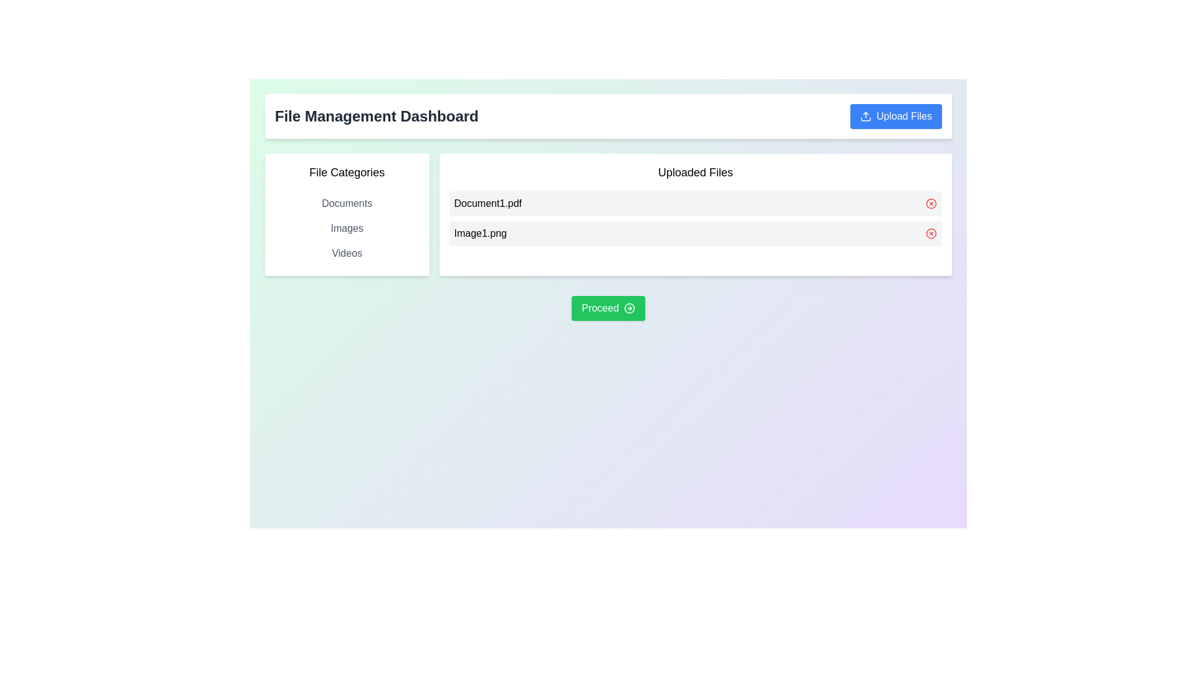 The image size is (1197, 673). I want to click on the 'Upload' button located in the top-right corner of the 'File Management Dashboard' header section to initiate the upload process, so click(895, 116).